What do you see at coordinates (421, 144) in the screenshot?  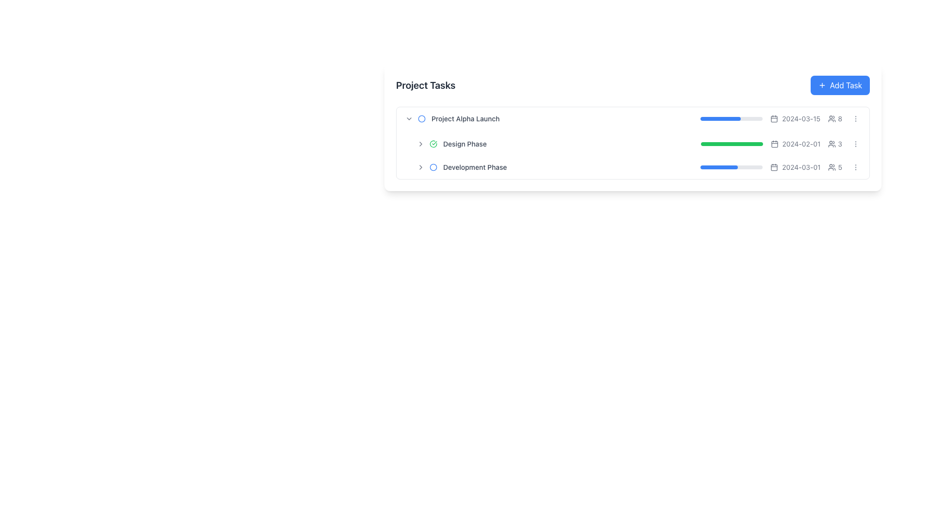 I see `the small right-pointing chevron icon located to the immediate left of the 'Design Phase' text` at bounding box center [421, 144].